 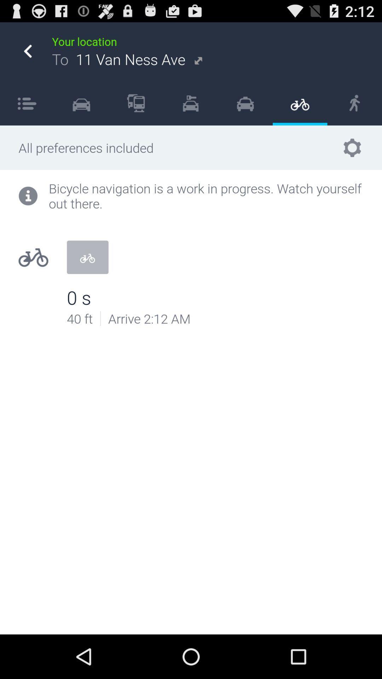 I want to click on the icon next to the 40 ft item, so click(x=100, y=318).